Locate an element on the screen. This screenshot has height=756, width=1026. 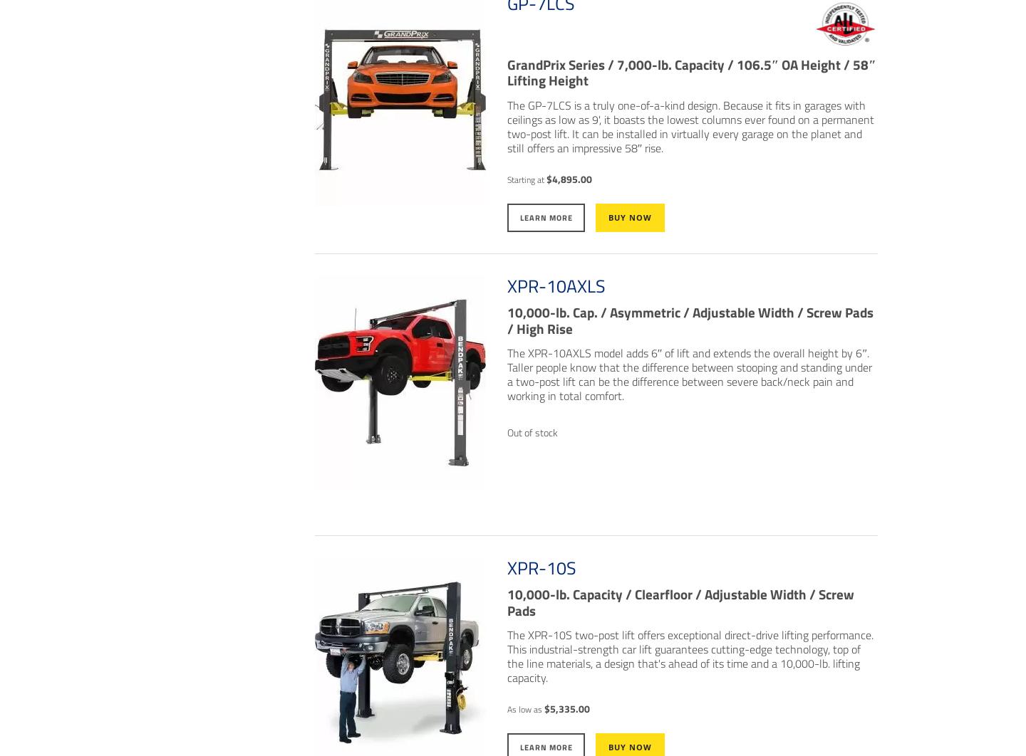
'Out of stock' is located at coordinates (531, 432).